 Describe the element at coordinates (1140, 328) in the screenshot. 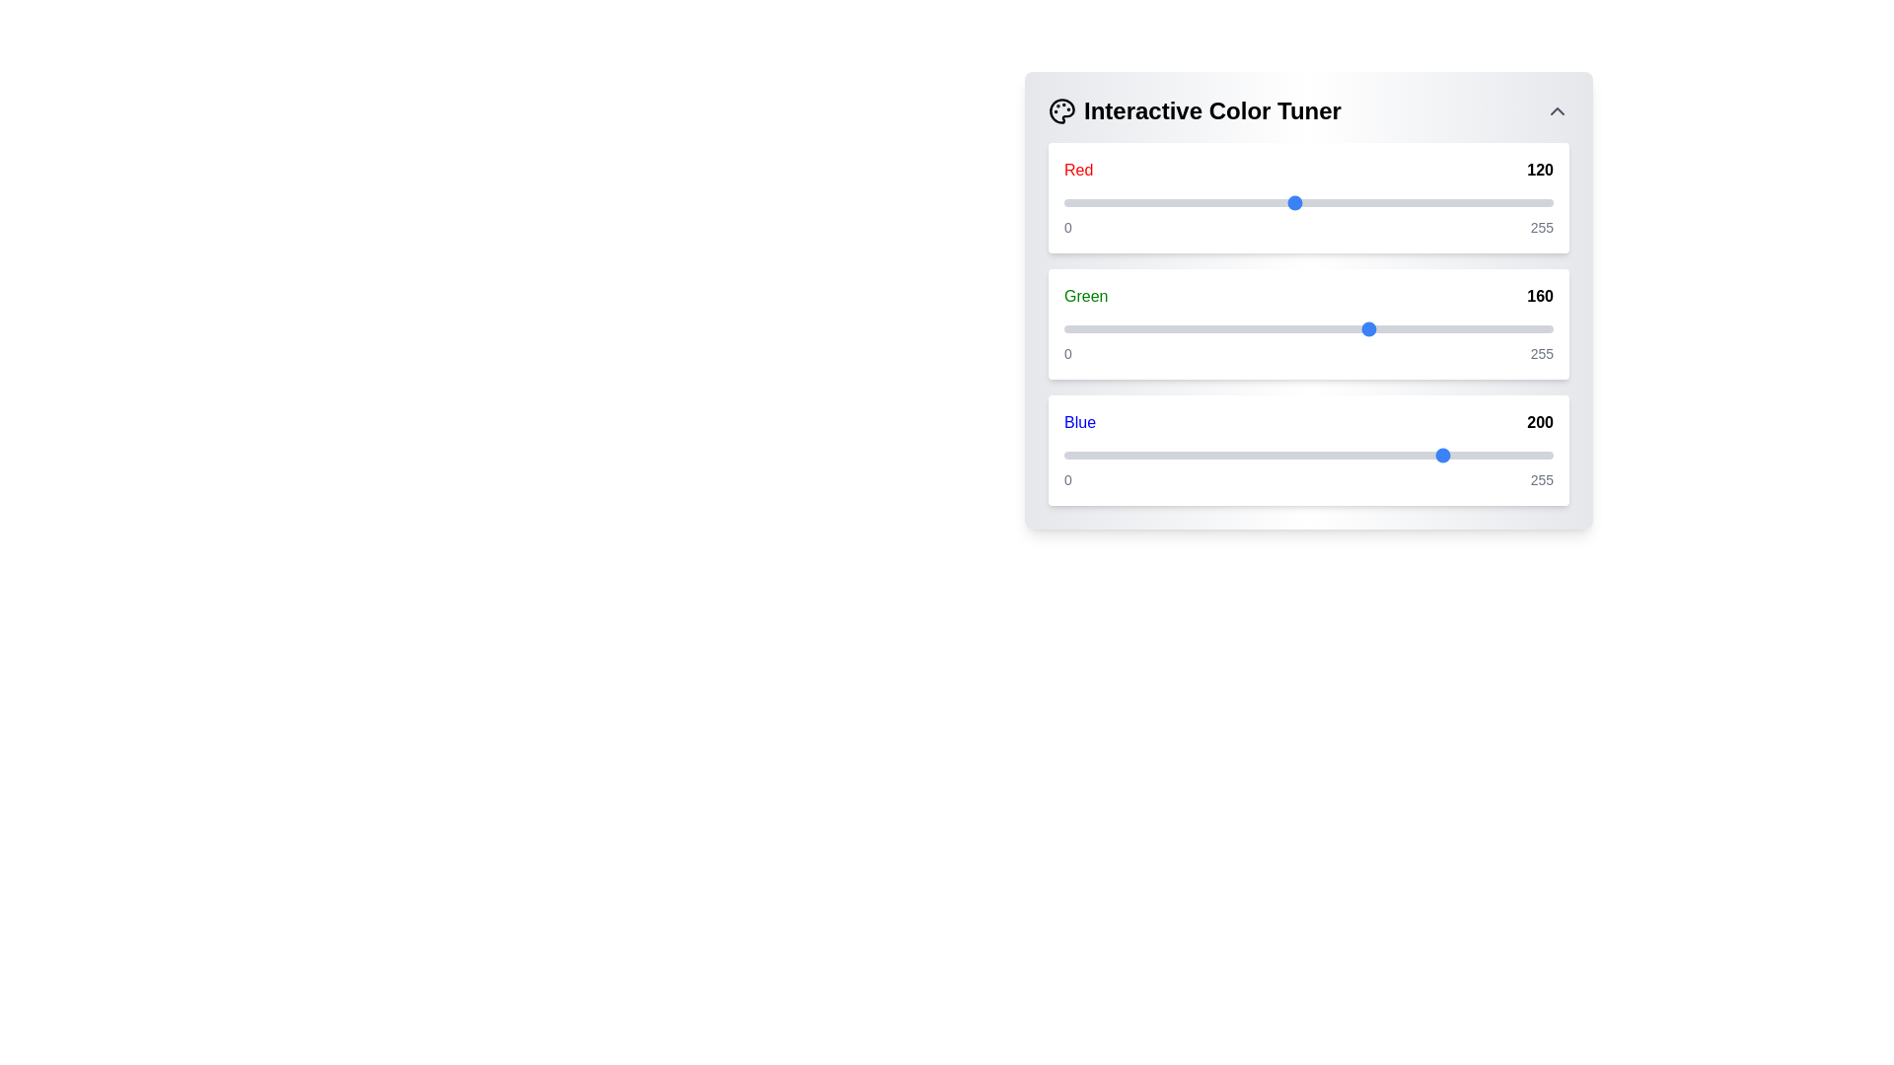

I see `the green component value` at that location.